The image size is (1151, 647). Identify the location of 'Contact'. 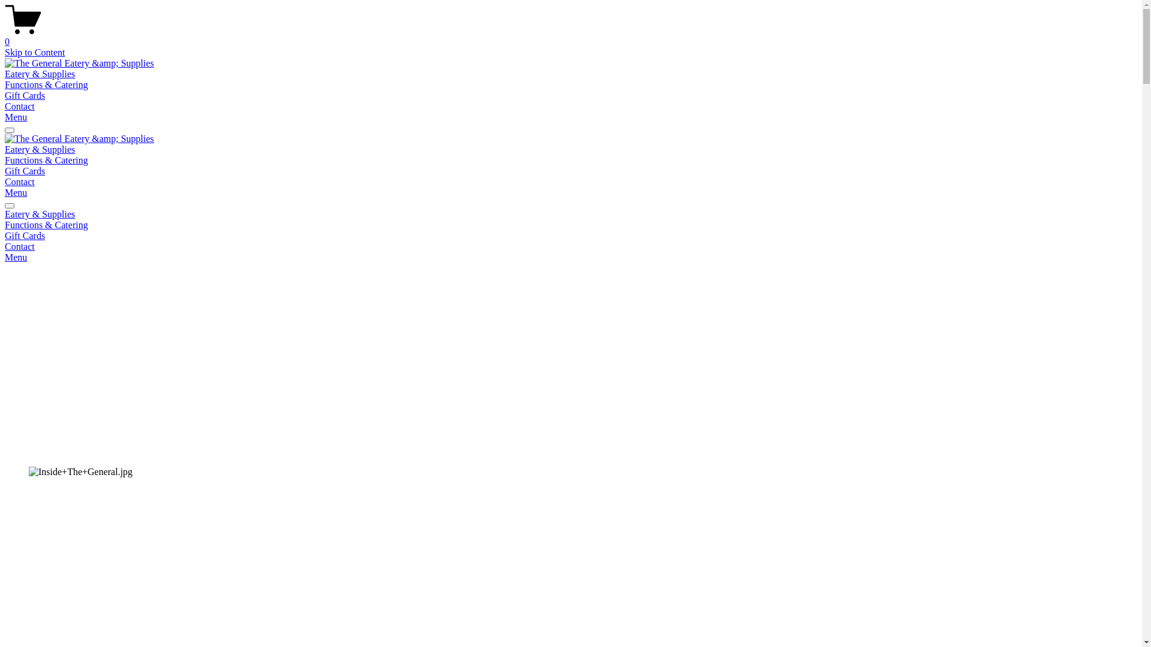
(570, 246).